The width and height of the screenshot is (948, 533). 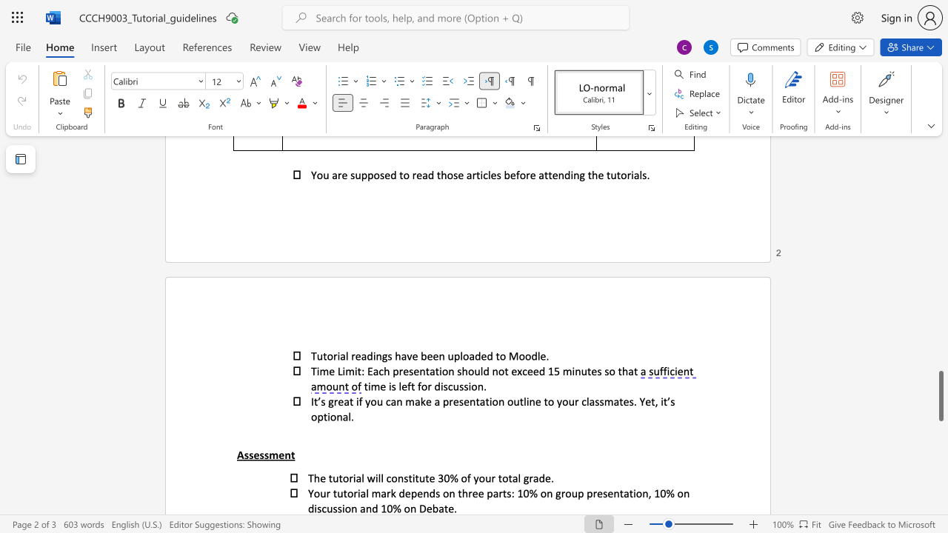 I want to click on the scrollbar on the right to shift the page higher, so click(x=940, y=222).